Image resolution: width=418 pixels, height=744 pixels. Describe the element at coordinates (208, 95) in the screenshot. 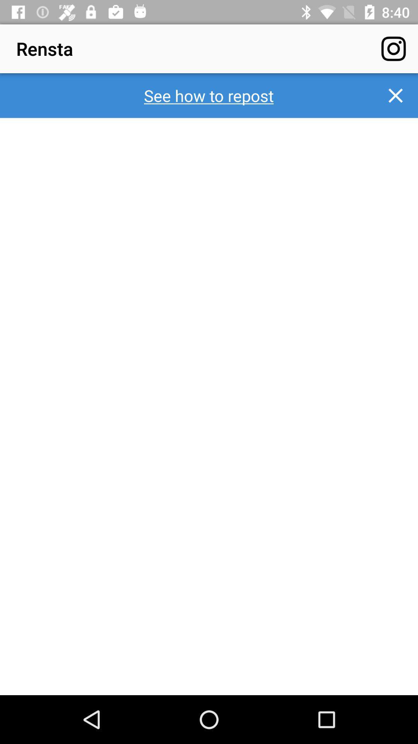

I see `see how to icon` at that location.